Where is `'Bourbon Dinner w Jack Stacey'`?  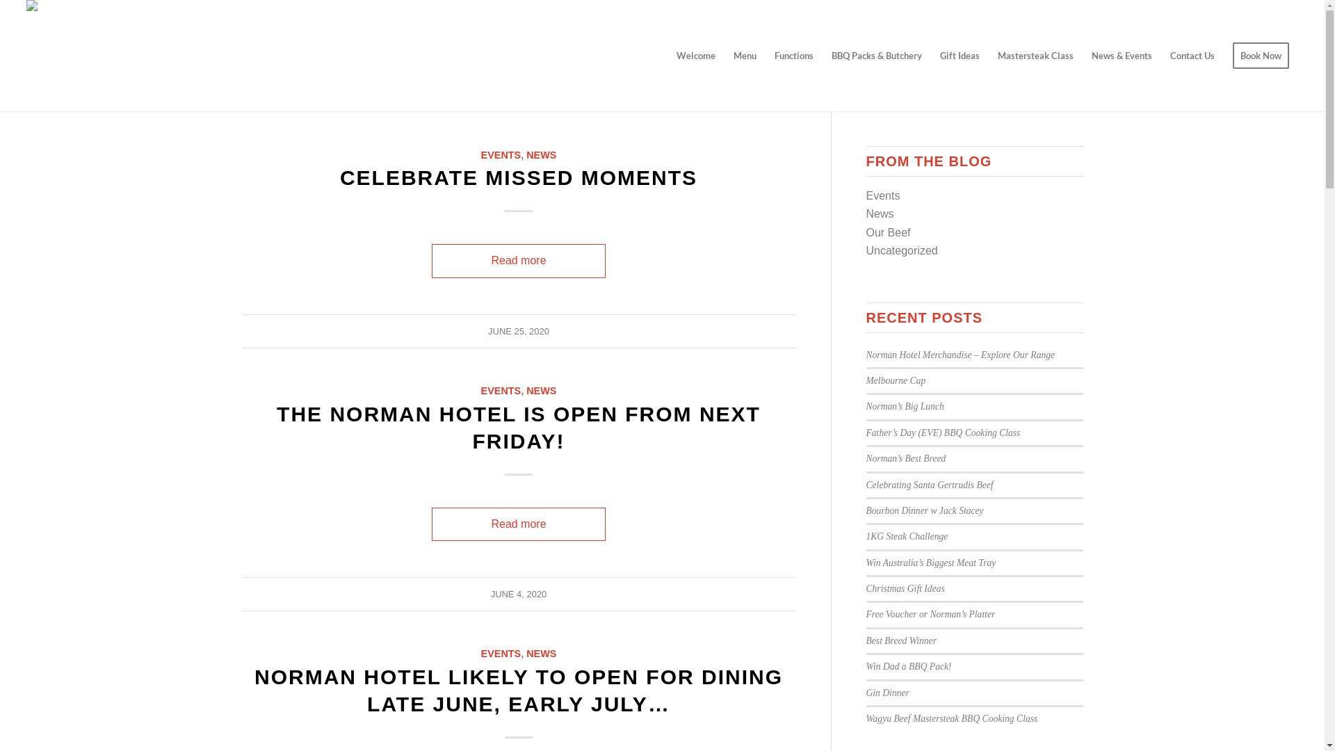 'Bourbon Dinner w Jack Stacey' is located at coordinates (925, 510).